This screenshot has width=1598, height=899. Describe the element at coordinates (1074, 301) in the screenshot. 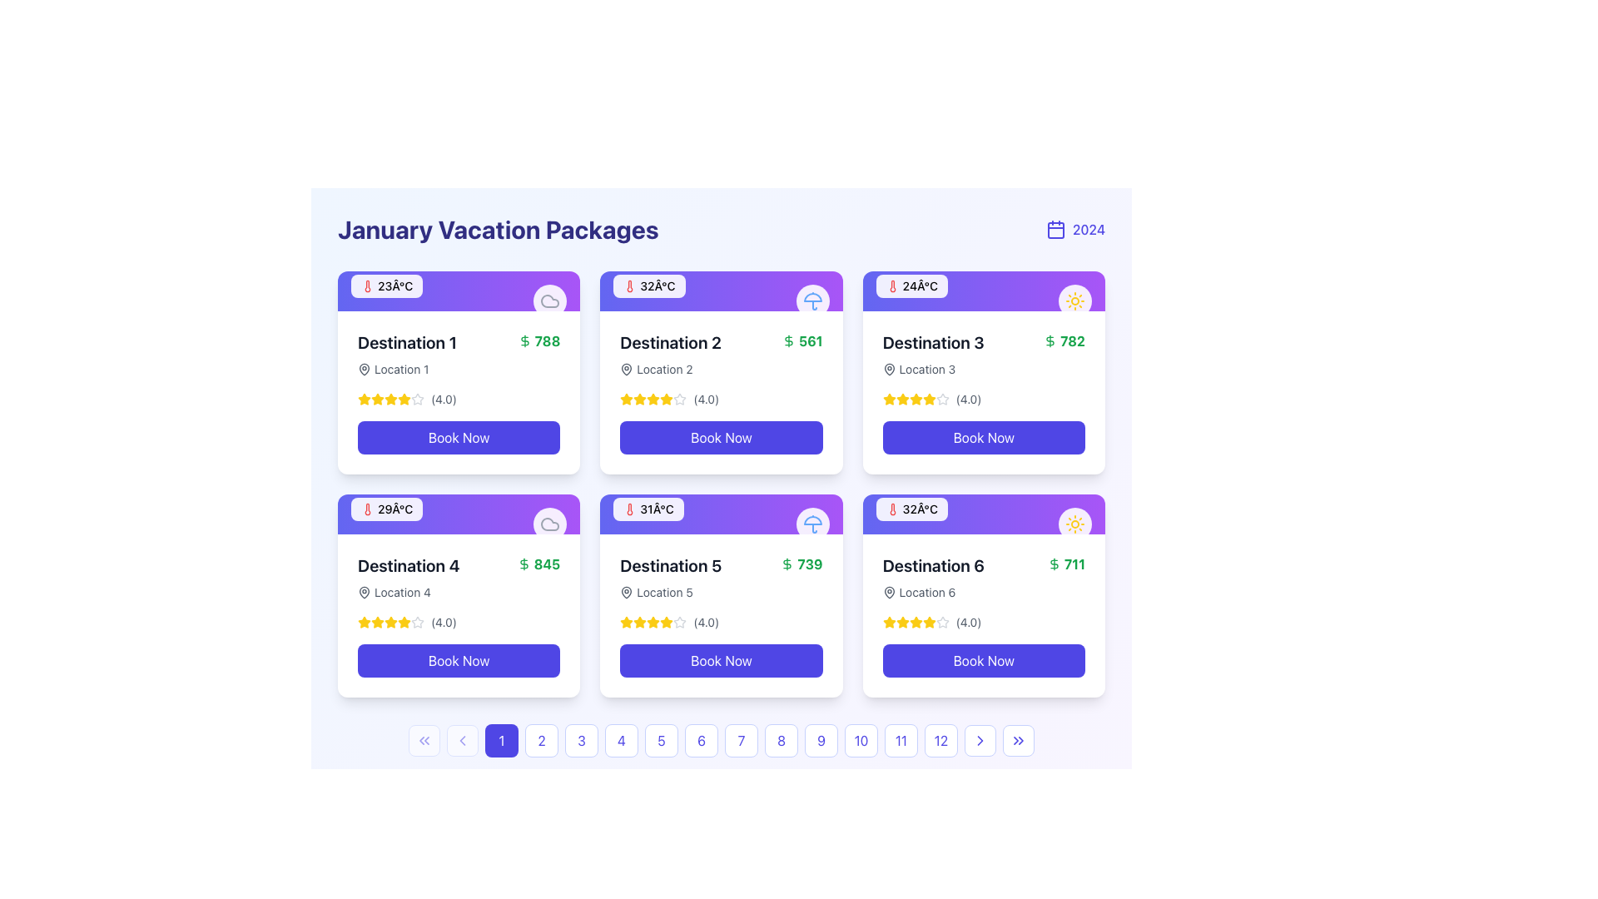

I see `the circular yellow sun icon located in the top-right corner of the 'Destination 3' card for additional information` at that location.